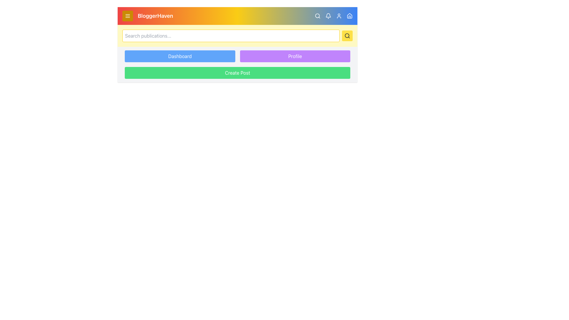  I want to click on the magnifying glass icon button, which is part of a yellow search bar, to trigger the visual hover effect, so click(347, 36).